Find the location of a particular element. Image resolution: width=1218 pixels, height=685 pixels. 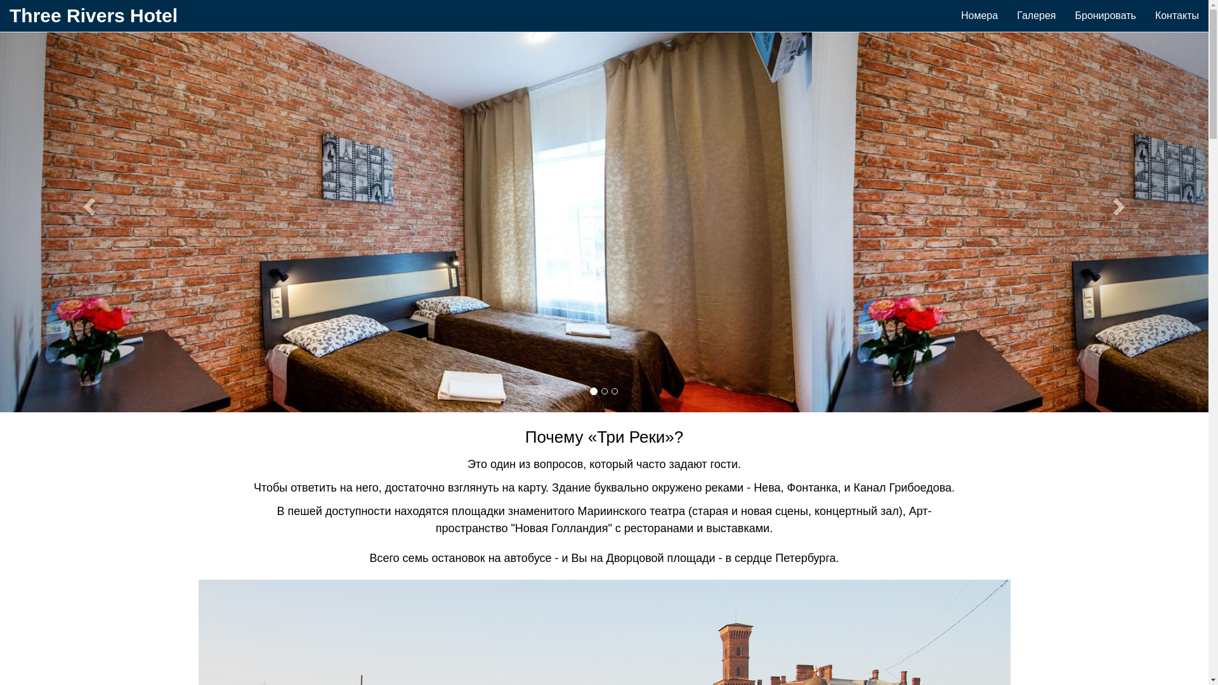

'Three Rivers Hotel' is located at coordinates (93, 15).